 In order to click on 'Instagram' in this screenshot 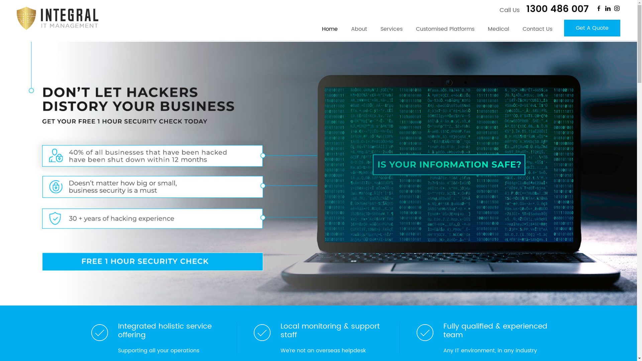, I will do `click(616, 8)`.